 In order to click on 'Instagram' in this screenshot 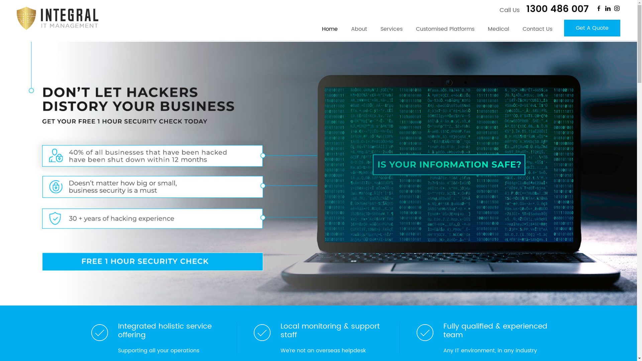, I will do `click(616, 8)`.